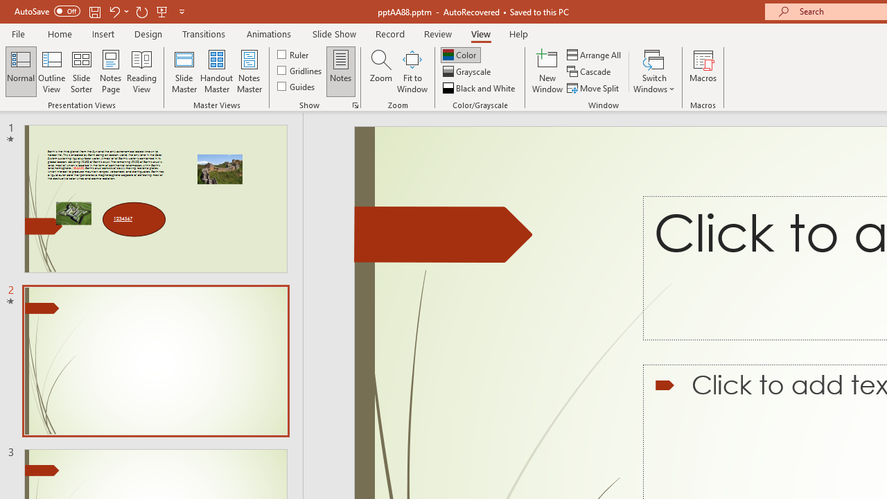 The image size is (887, 499). What do you see at coordinates (380, 71) in the screenshot?
I see `'Zoom...'` at bounding box center [380, 71].